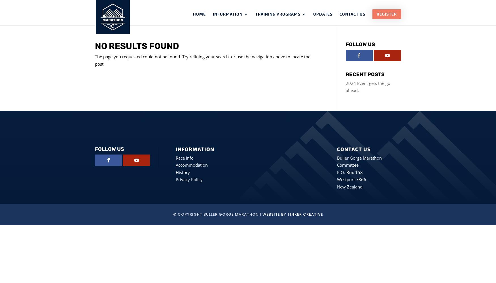  Describe the element at coordinates (262, 214) in the screenshot. I see `'Website by Tinker Creative'` at that location.